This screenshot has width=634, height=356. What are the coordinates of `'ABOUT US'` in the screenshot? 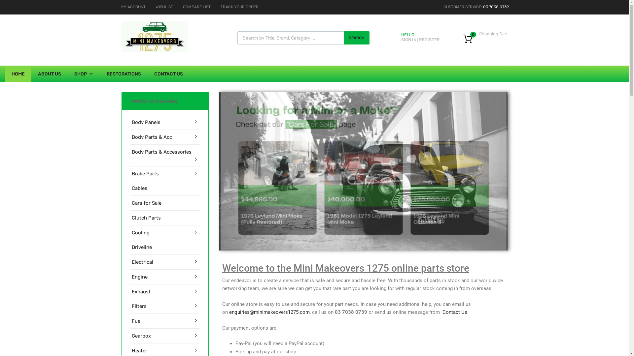 It's located at (274, 224).